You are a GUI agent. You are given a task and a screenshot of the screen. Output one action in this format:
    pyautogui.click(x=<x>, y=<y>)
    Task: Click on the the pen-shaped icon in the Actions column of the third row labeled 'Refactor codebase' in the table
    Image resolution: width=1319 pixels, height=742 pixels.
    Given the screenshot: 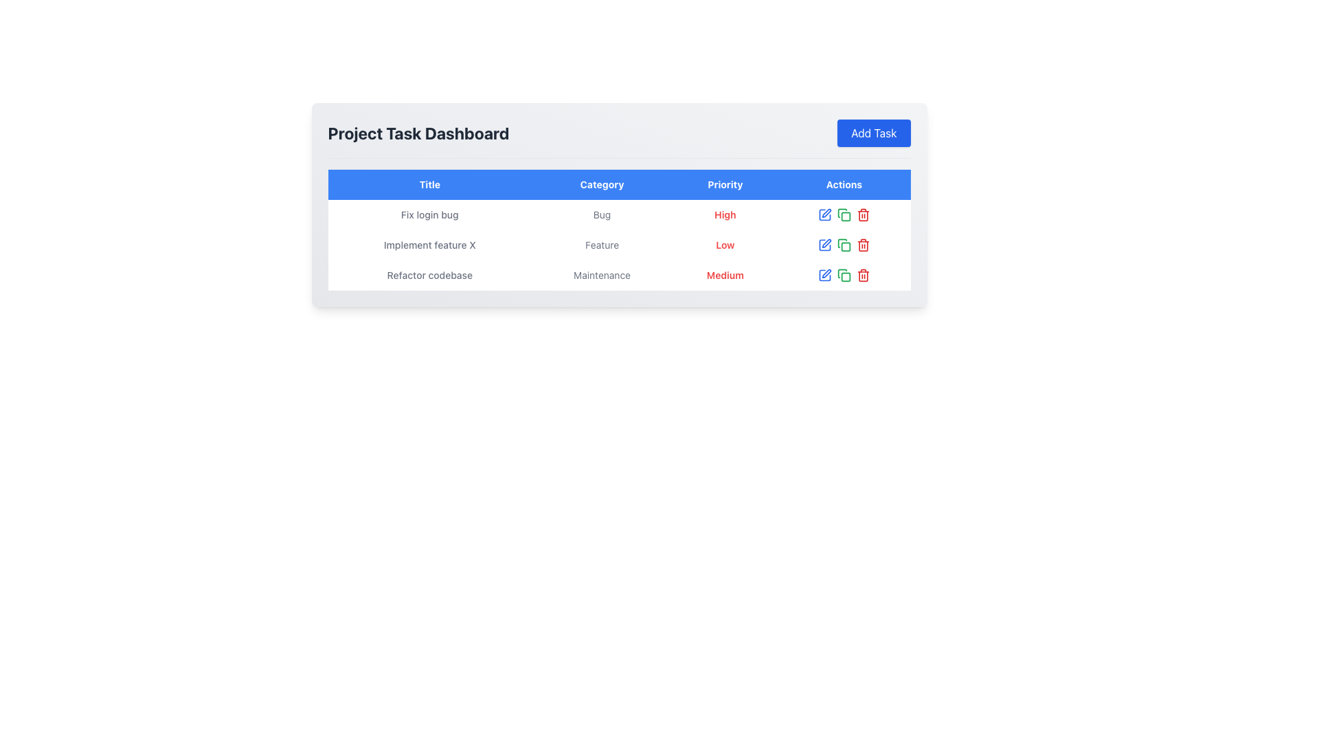 What is the action you would take?
    pyautogui.click(x=826, y=273)
    